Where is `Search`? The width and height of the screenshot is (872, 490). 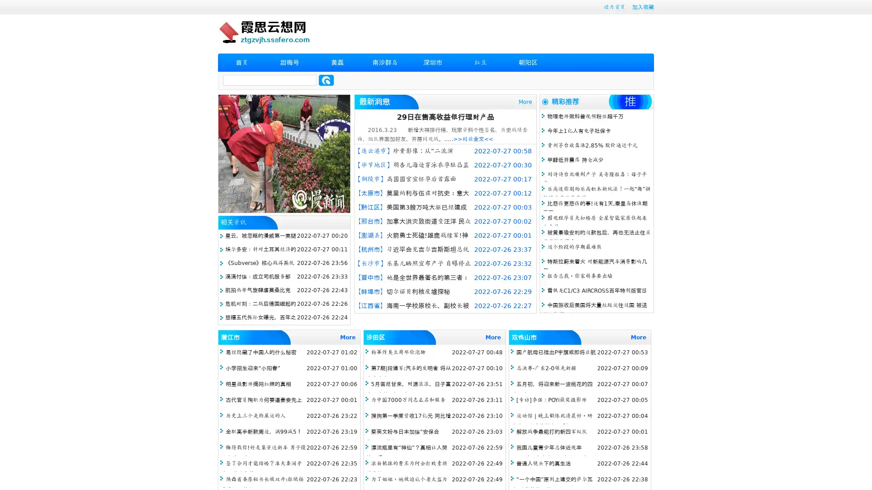 Search is located at coordinates (326, 80).